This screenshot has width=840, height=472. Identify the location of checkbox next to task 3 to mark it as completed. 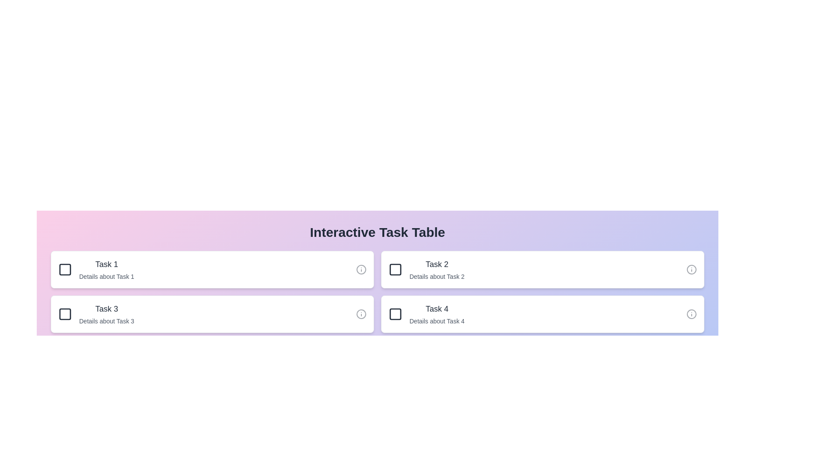
(64, 313).